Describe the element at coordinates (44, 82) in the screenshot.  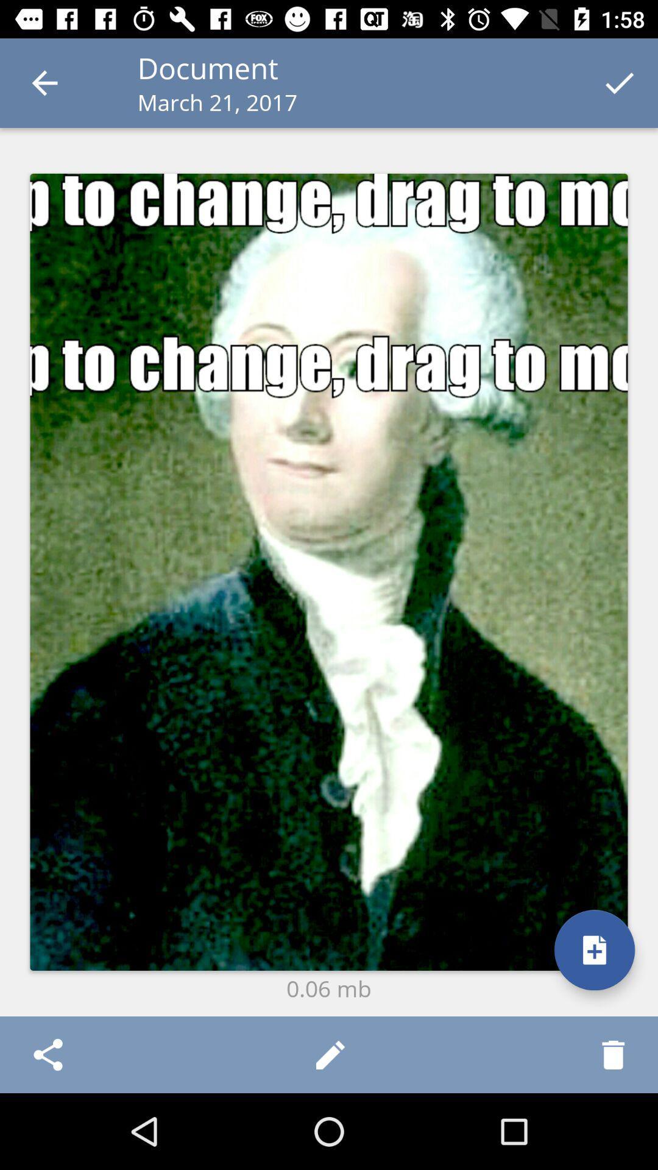
I see `icon to the left of the document item` at that location.